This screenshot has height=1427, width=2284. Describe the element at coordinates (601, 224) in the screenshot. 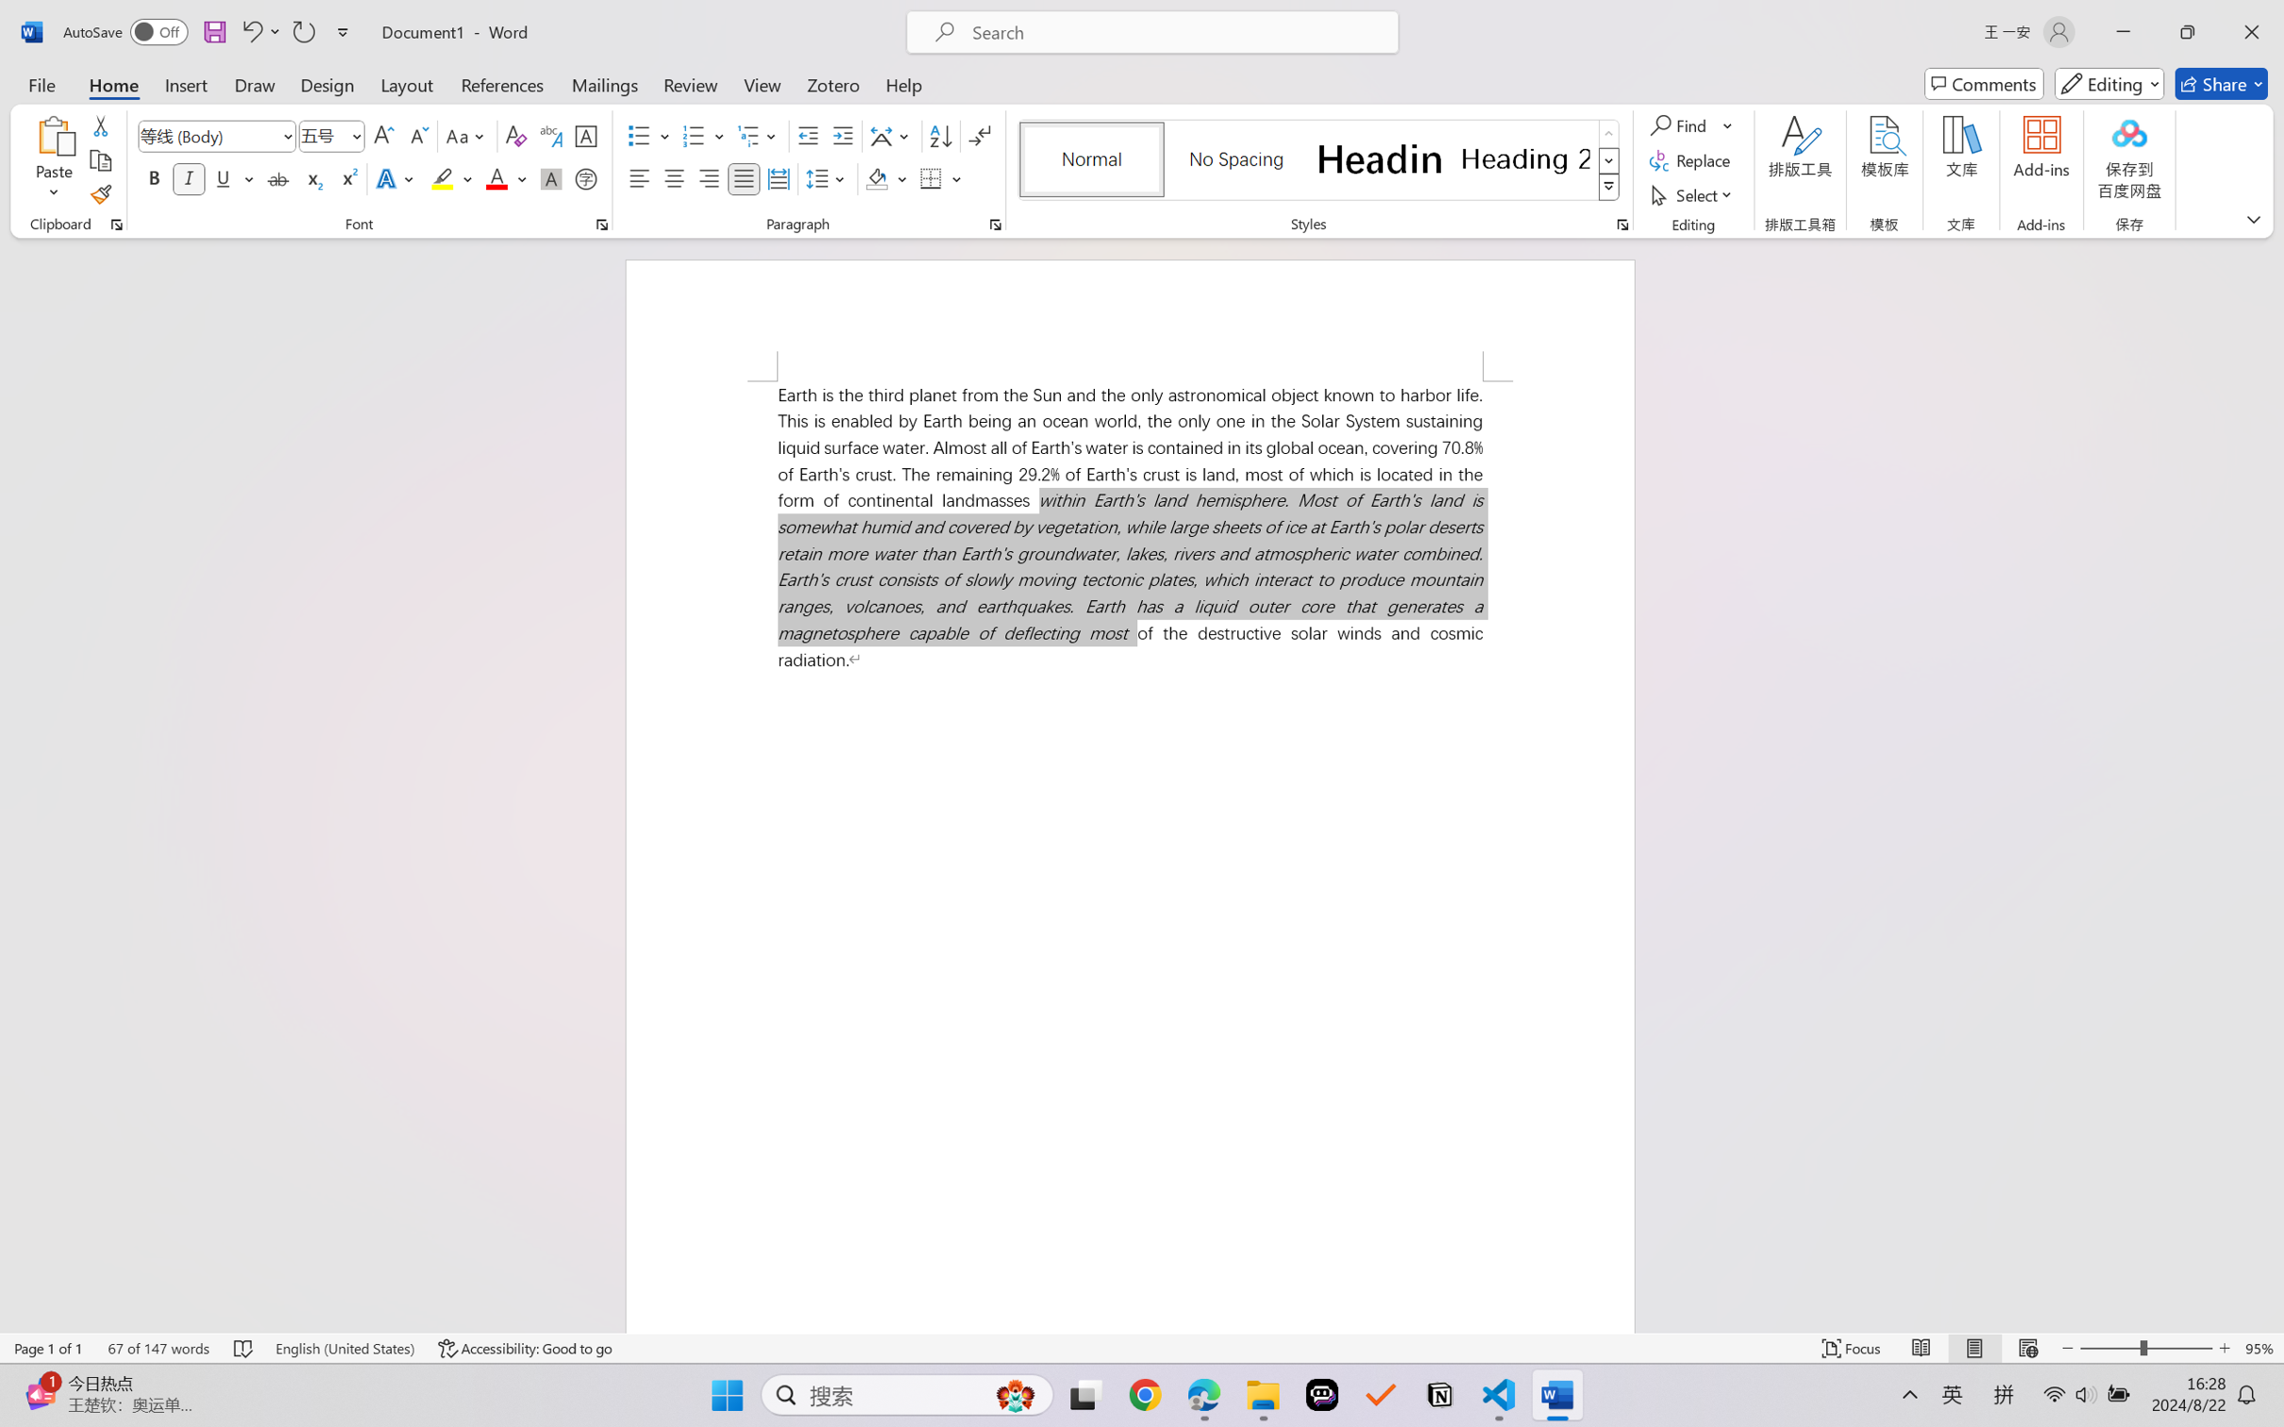

I see `'Font...'` at that location.